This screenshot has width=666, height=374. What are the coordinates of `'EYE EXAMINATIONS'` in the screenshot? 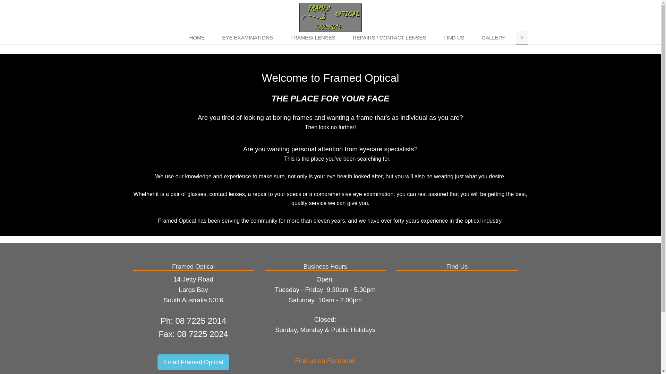 It's located at (249, 38).